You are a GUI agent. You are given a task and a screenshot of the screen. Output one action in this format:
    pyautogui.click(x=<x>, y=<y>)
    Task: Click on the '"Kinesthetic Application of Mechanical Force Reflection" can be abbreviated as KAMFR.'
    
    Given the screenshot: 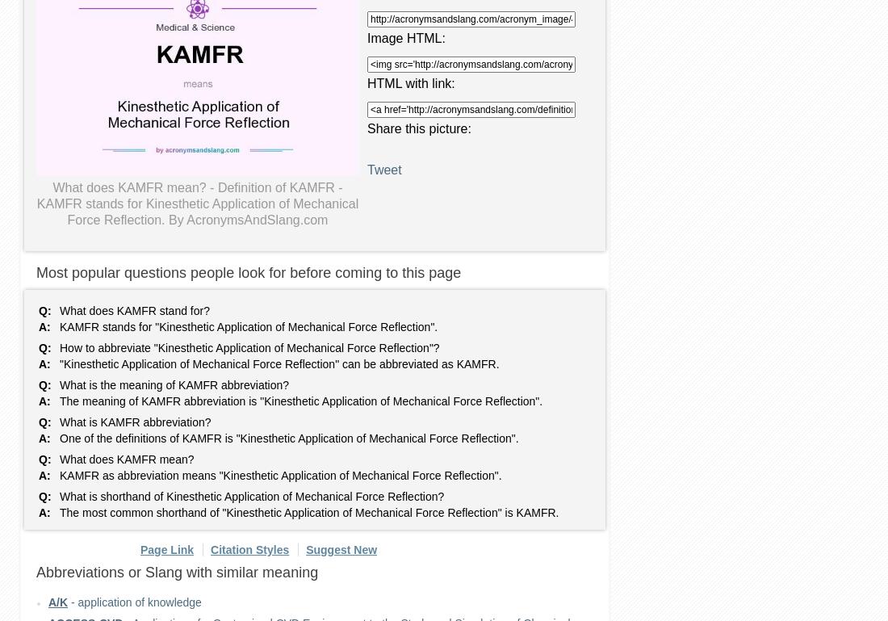 What is the action you would take?
    pyautogui.click(x=279, y=364)
    